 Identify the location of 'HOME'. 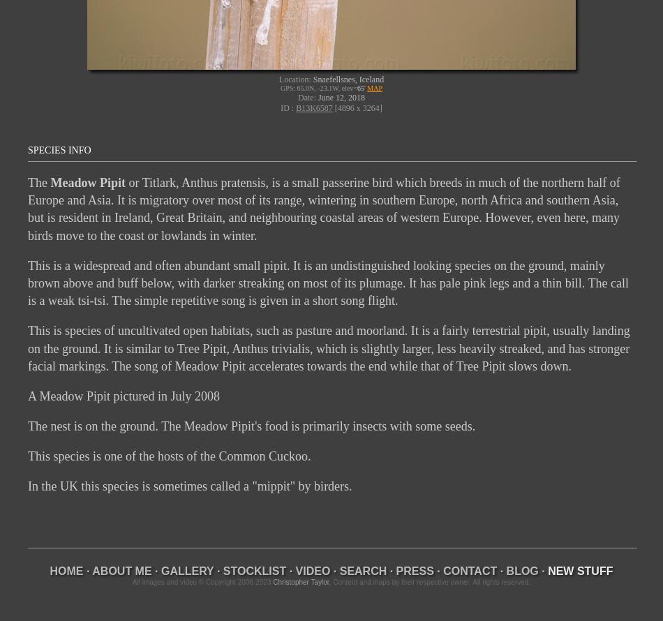
(66, 570).